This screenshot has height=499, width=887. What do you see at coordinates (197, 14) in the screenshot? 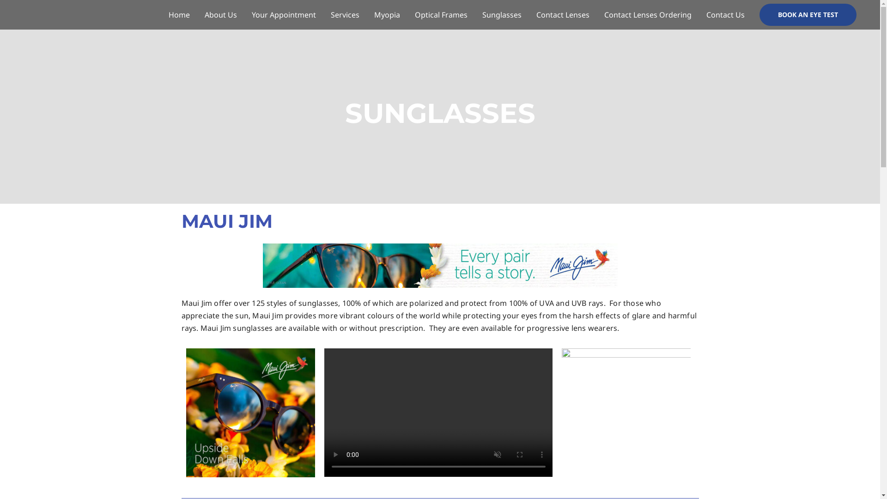
I see `'About Us'` at bounding box center [197, 14].